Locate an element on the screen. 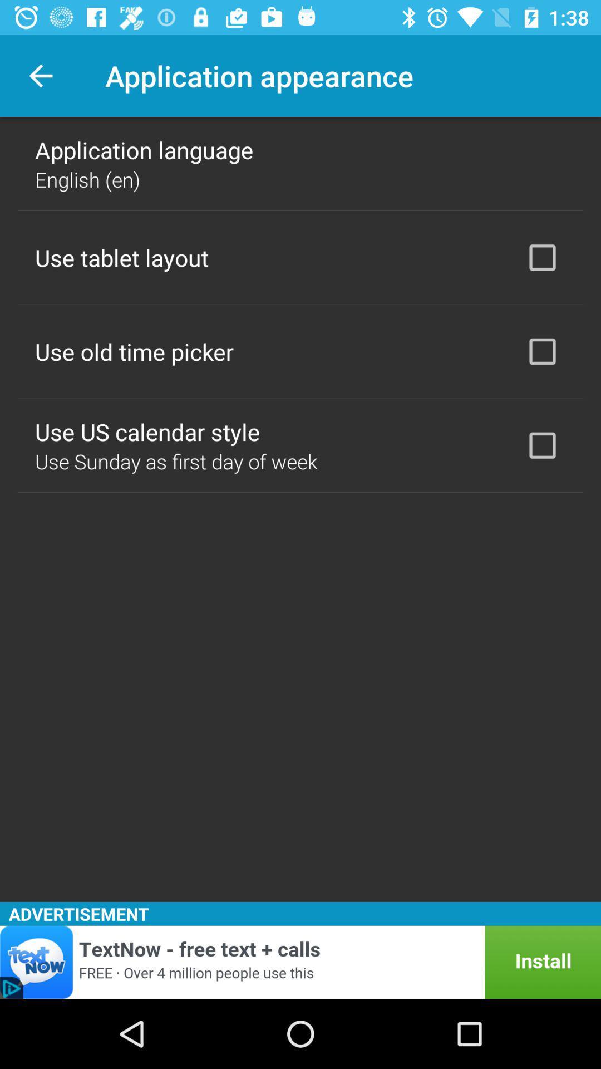  clickable advertisement is located at coordinates (300, 962).